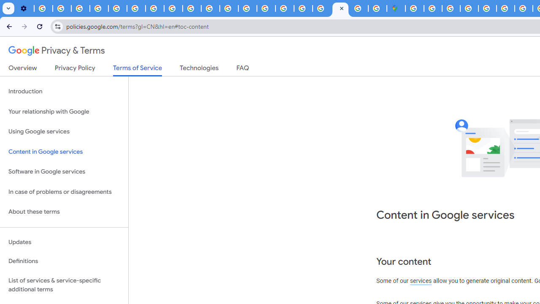 The image size is (540, 304). Describe the element at coordinates (43, 8) in the screenshot. I see `'Delete photos & videos - Computer - Google Photos Help'` at that location.